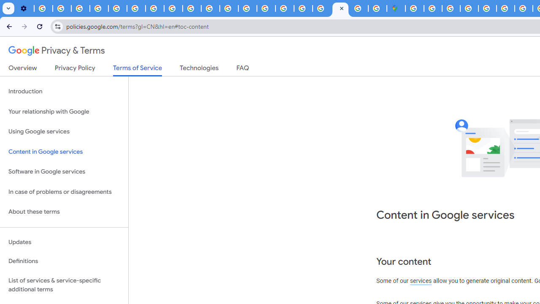 The image size is (540, 304). Describe the element at coordinates (43, 8) in the screenshot. I see `'Delete photos & videos - Computer - Google Photos Help'` at that location.